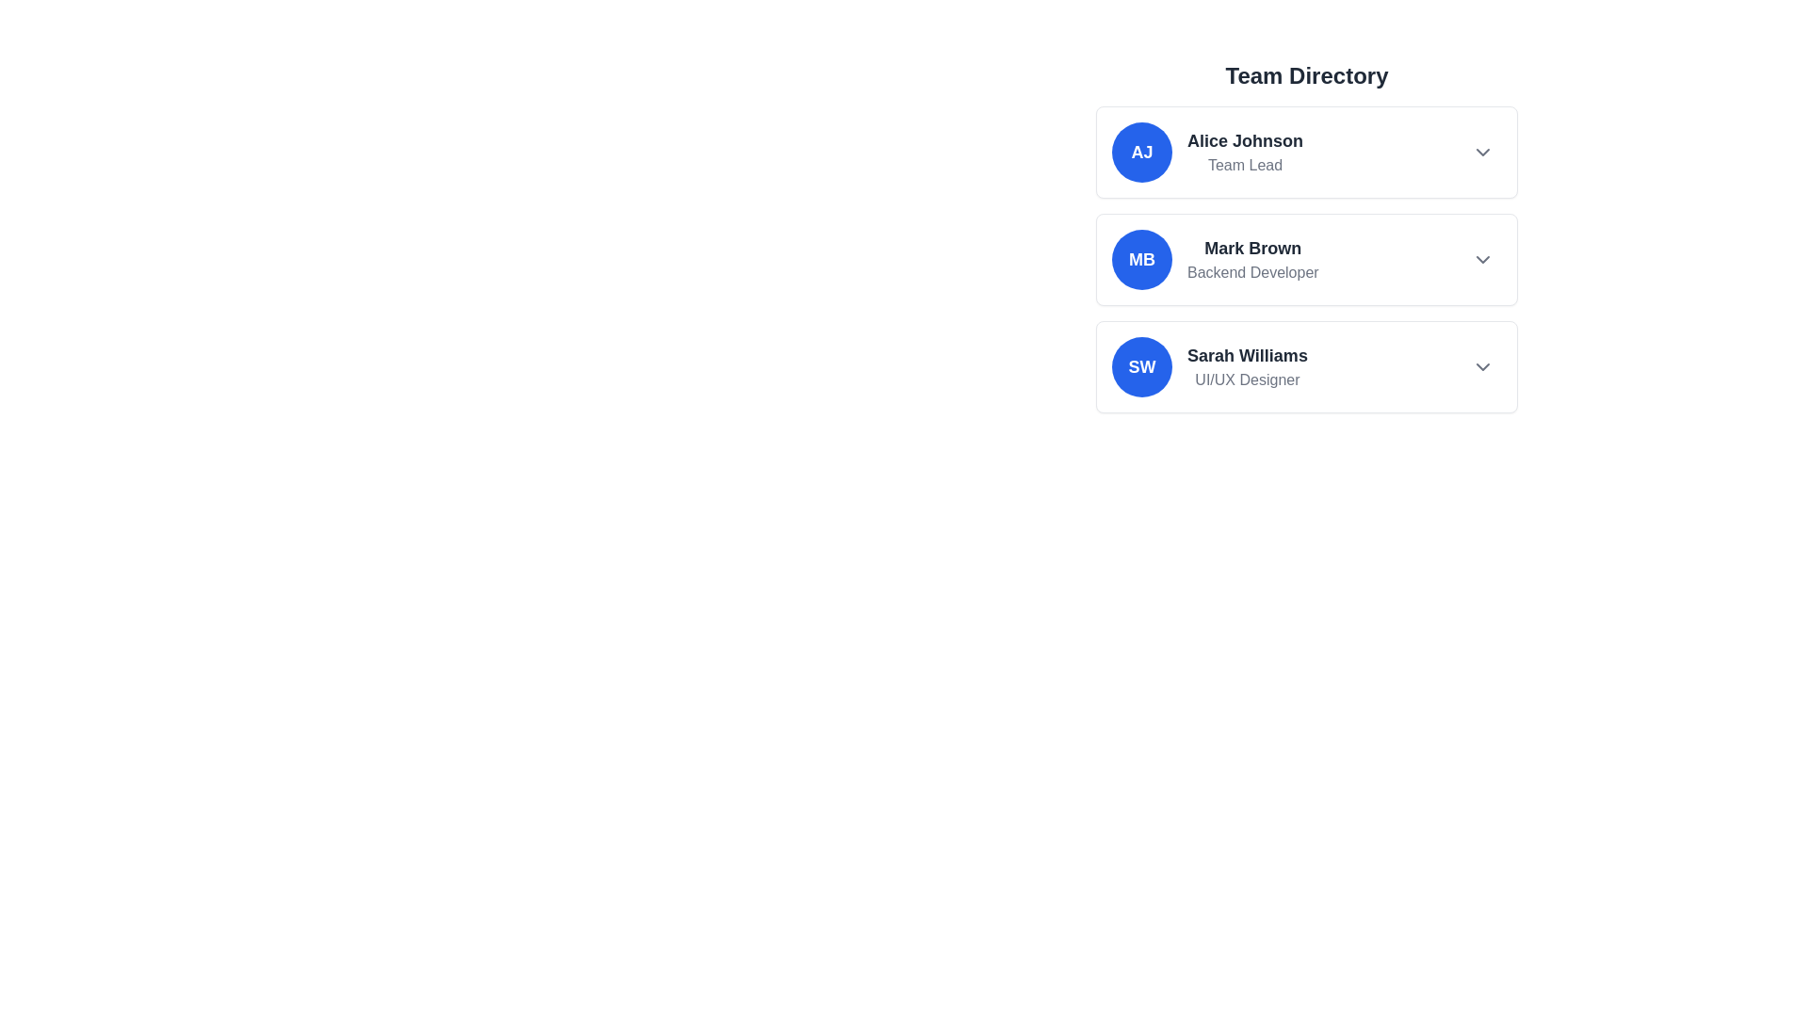  What do you see at coordinates (1245, 152) in the screenshot?
I see `text information block displaying 'Alice Johnson' and 'Team Lead', located in the top section of the list under 'Team Directory'` at bounding box center [1245, 152].